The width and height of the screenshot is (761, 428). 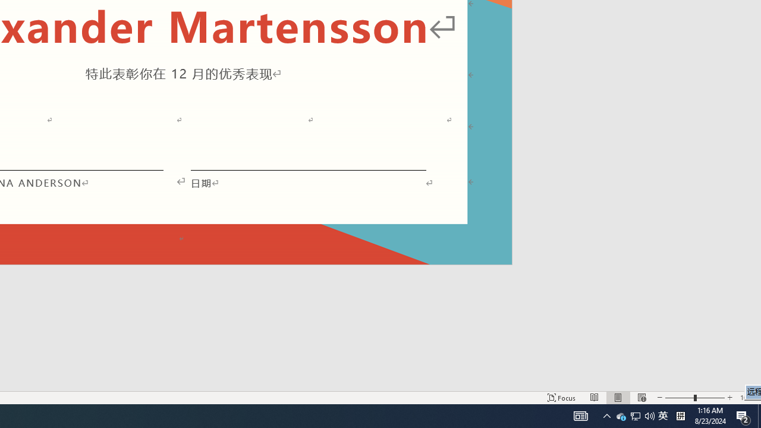 I want to click on 'Action Center, 2 new notifications', so click(x=743, y=415).